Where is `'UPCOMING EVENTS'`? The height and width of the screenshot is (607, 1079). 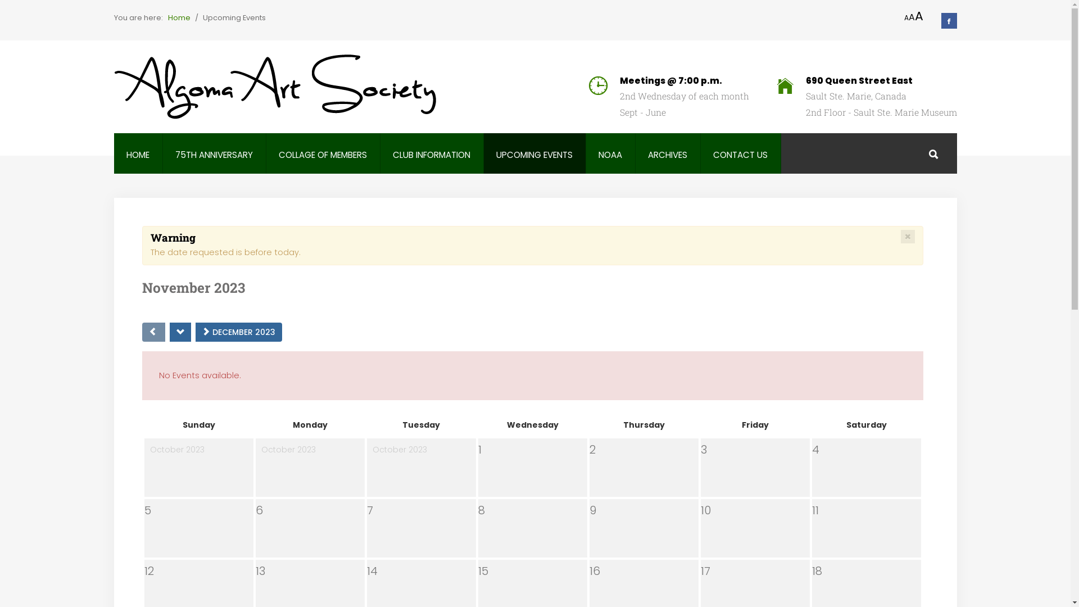 'UPCOMING EVENTS' is located at coordinates (533, 155).